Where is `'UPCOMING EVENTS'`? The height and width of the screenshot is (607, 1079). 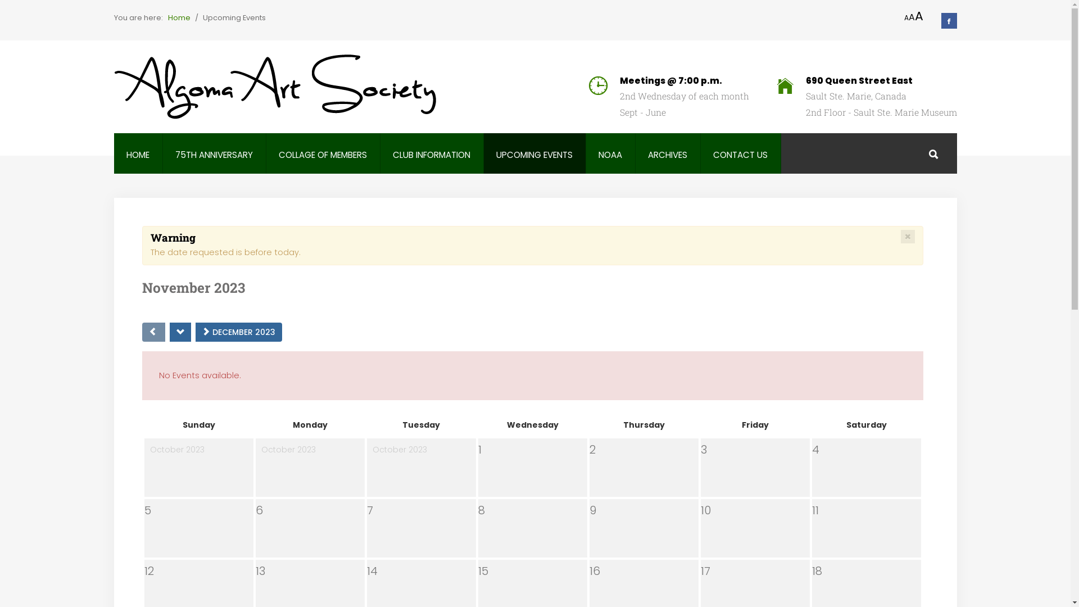 'UPCOMING EVENTS' is located at coordinates (533, 155).